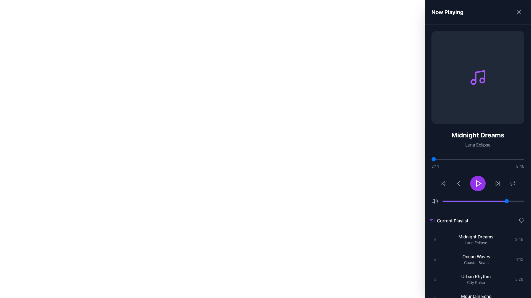  I want to click on the slider value, so click(488, 201).